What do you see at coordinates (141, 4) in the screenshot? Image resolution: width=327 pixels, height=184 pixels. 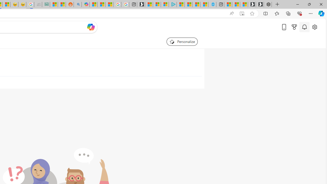 I see `'Microsoft Start Gaming'` at bounding box center [141, 4].